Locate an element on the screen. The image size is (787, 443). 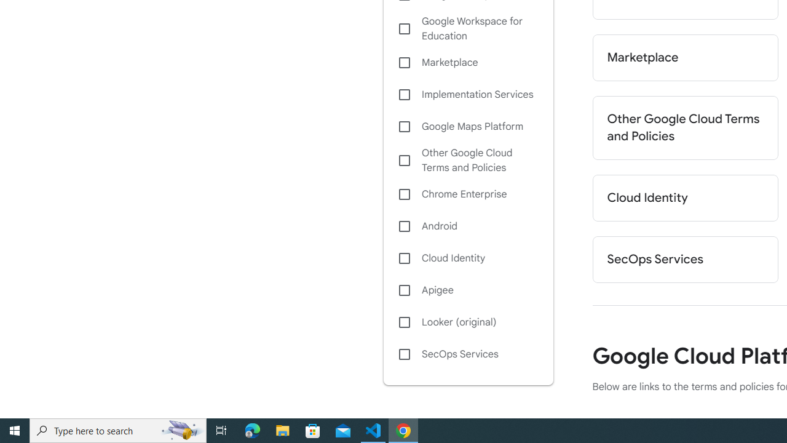
'Cloud Identity' is located at coordinates (467, 257).